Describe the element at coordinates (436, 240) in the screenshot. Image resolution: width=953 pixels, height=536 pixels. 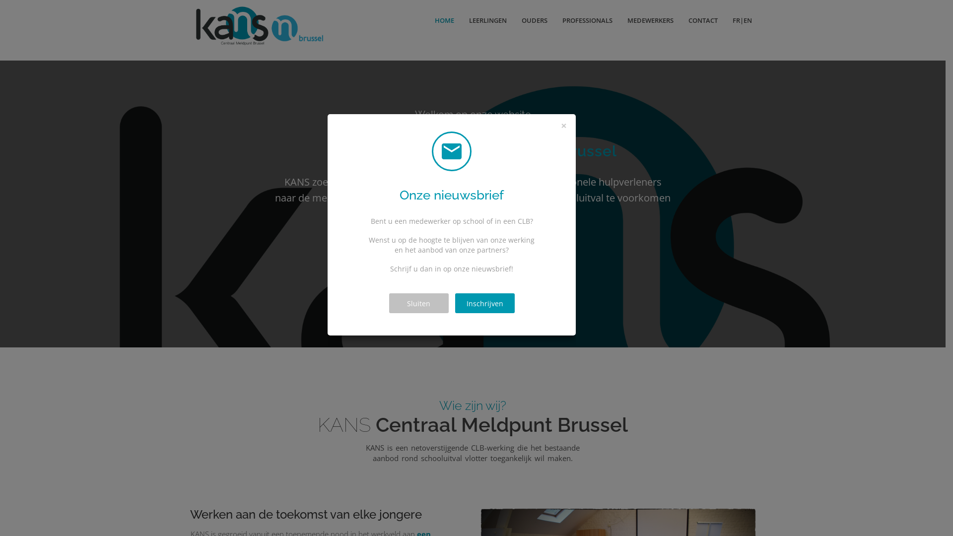
I see `'Ouders'` at that location.